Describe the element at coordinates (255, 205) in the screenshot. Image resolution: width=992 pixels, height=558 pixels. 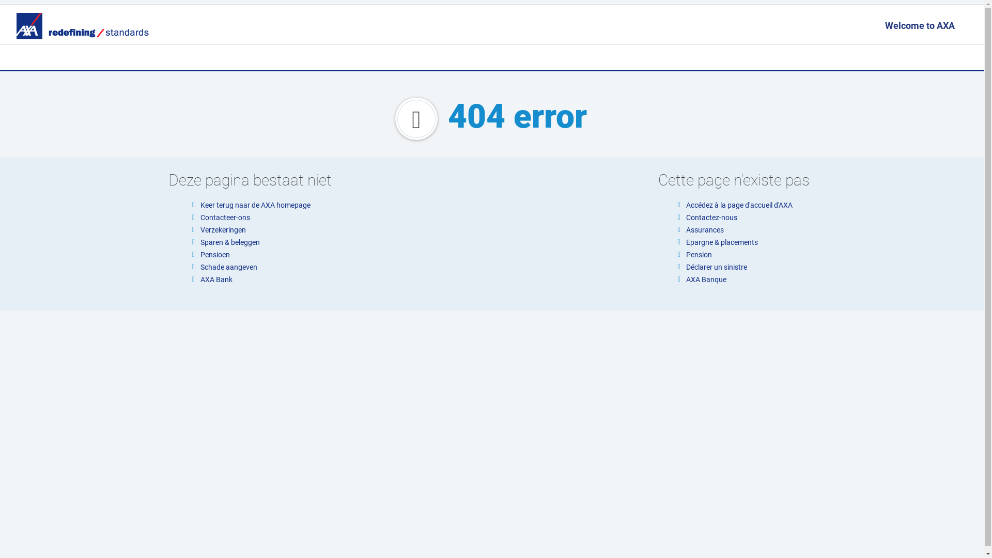
I see `'Keer terug naar de AXA homepage'` at that location.